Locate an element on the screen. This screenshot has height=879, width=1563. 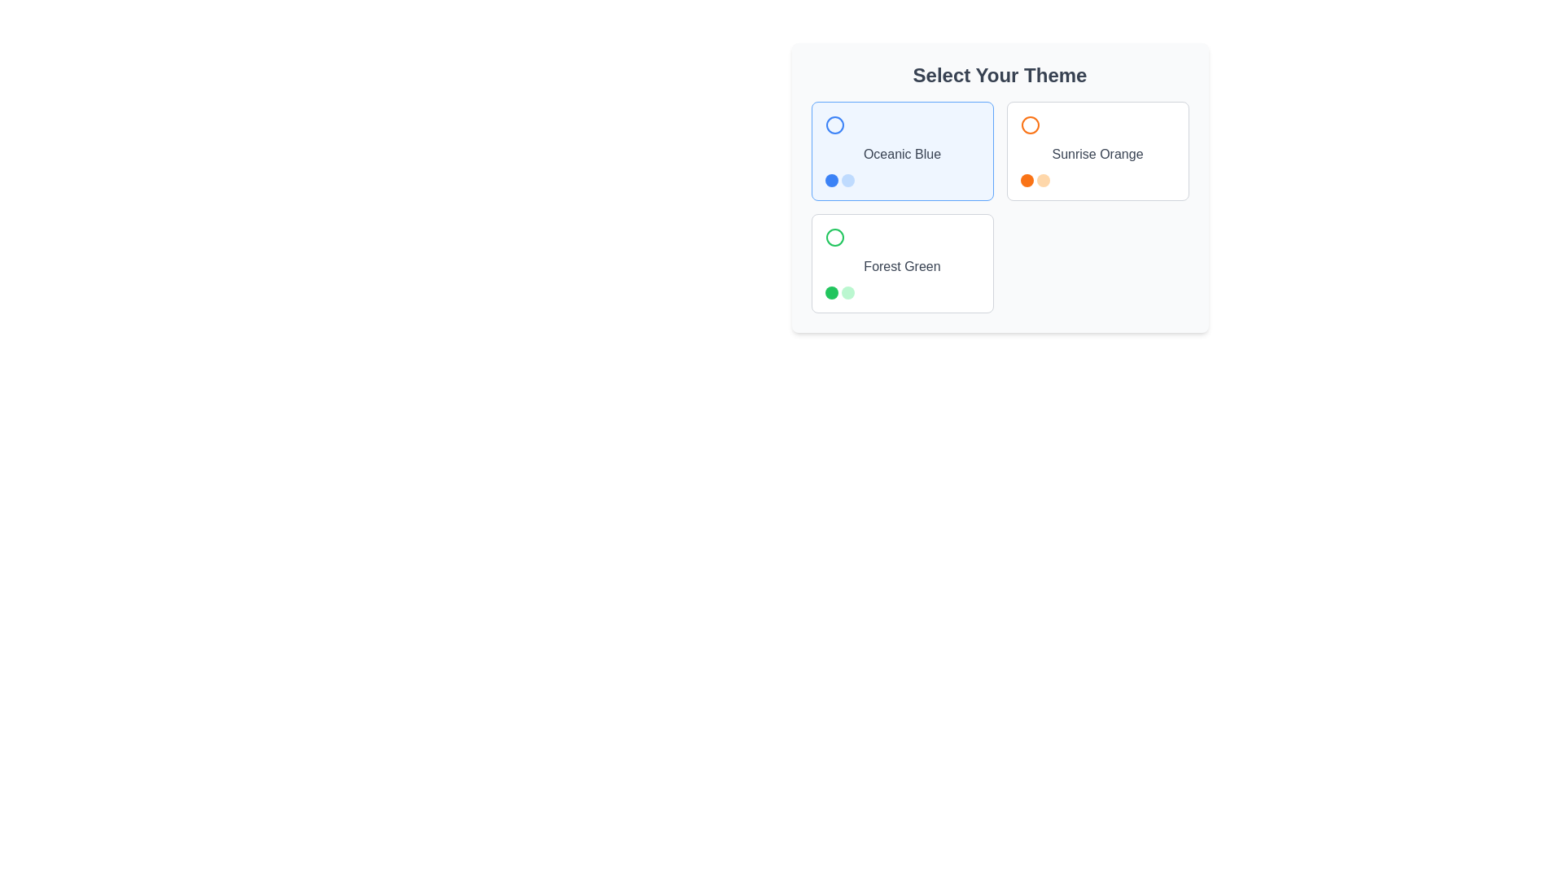
the 'Oceanic Blue' theme selection card located at the top-left of the theme selection interface is located at coordinates (901, 151).